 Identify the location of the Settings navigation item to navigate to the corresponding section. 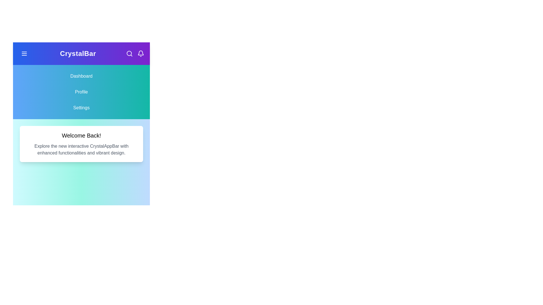
(81, 108).